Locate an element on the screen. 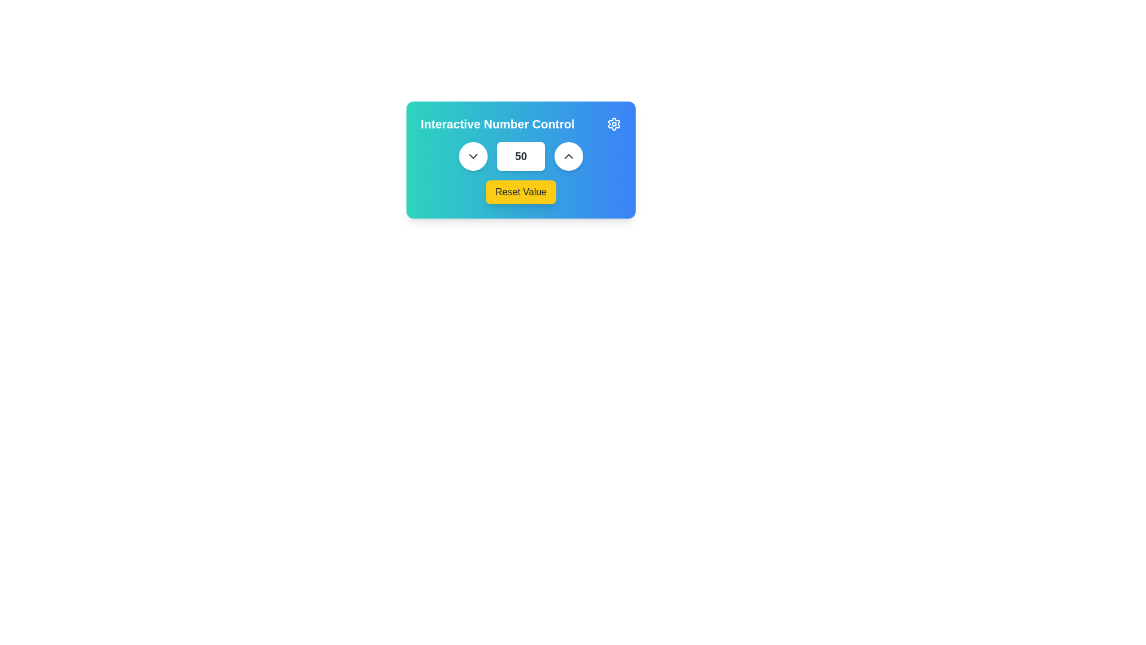 The width and height of the screenshot is (1146, 645). the reset button located at the bottom of the 'Interactive Number Control' card to change its appearance is located at coordinates (521, 191).